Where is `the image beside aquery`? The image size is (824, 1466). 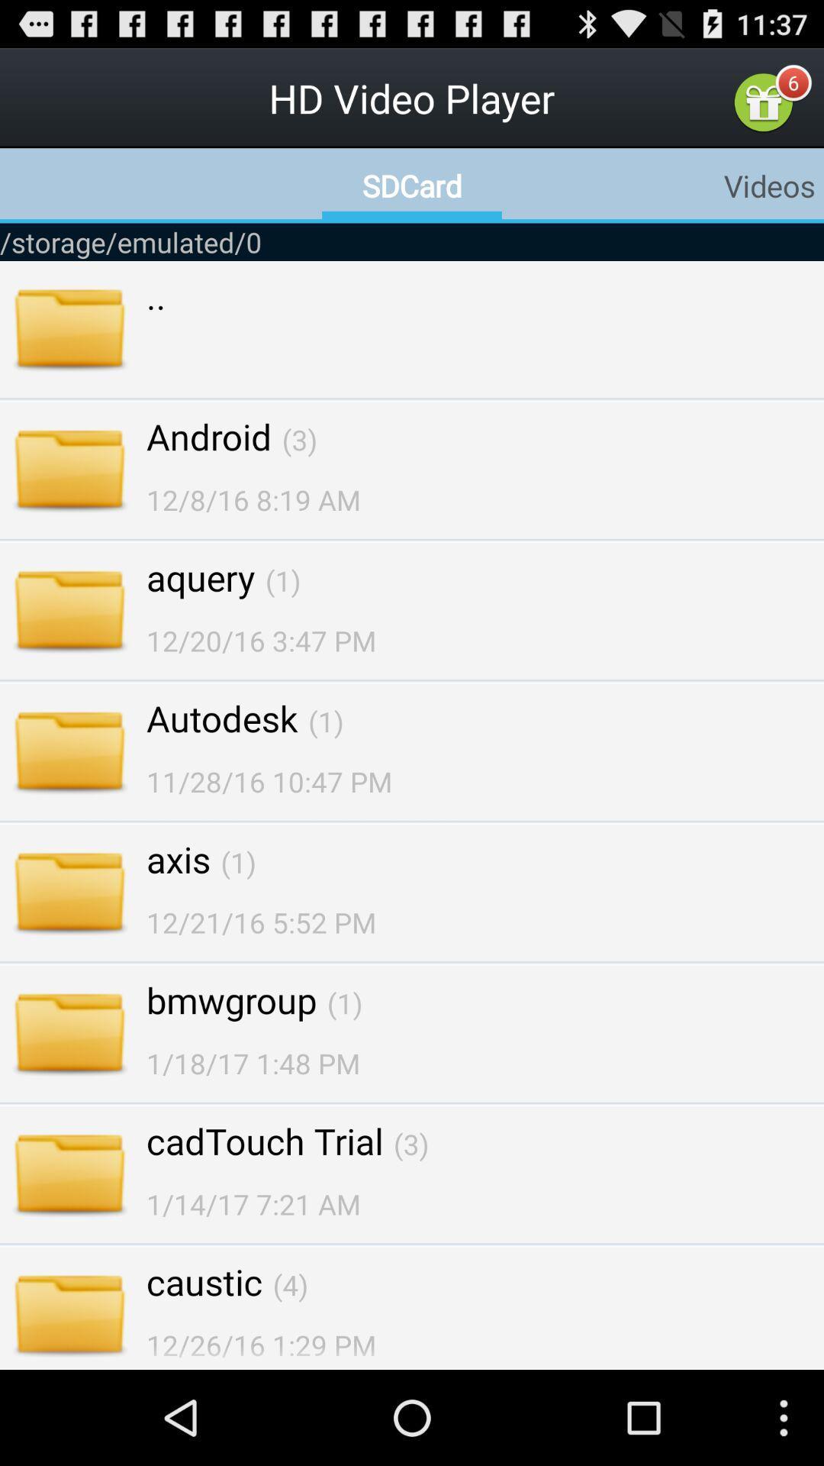
the image beside aquery is located at coordinates (70, 613).